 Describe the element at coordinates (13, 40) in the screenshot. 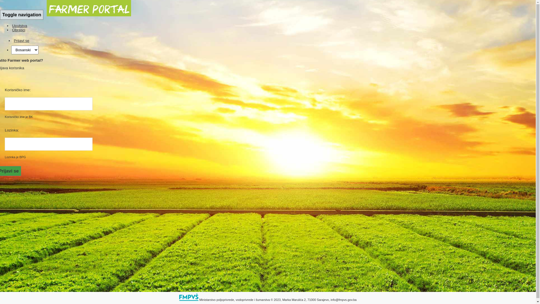

I see `'Prijavi se'` at that location.